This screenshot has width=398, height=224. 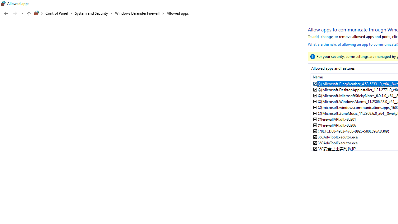 What do you see at coordinates (28, 13) in the screenshot?
I see `'Up to "Windows Defender Firewall" (Alt + Up Arrow)'` at bounding box center [28, 13].